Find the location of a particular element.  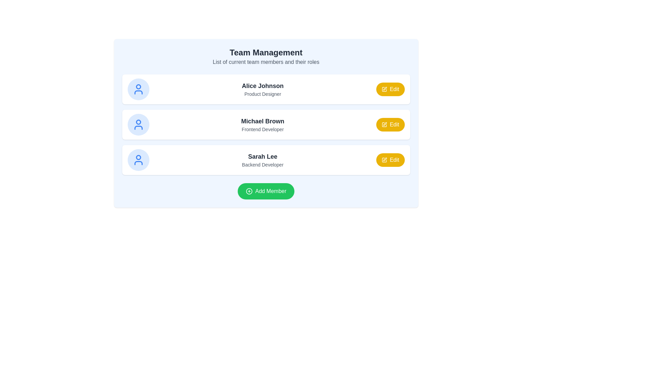

the SVG icon styled as a pen or edit tool within the yellow 'Edit' button for the team member 'Alice Johnson, Product Designer' is located at coordinates (384, 89).